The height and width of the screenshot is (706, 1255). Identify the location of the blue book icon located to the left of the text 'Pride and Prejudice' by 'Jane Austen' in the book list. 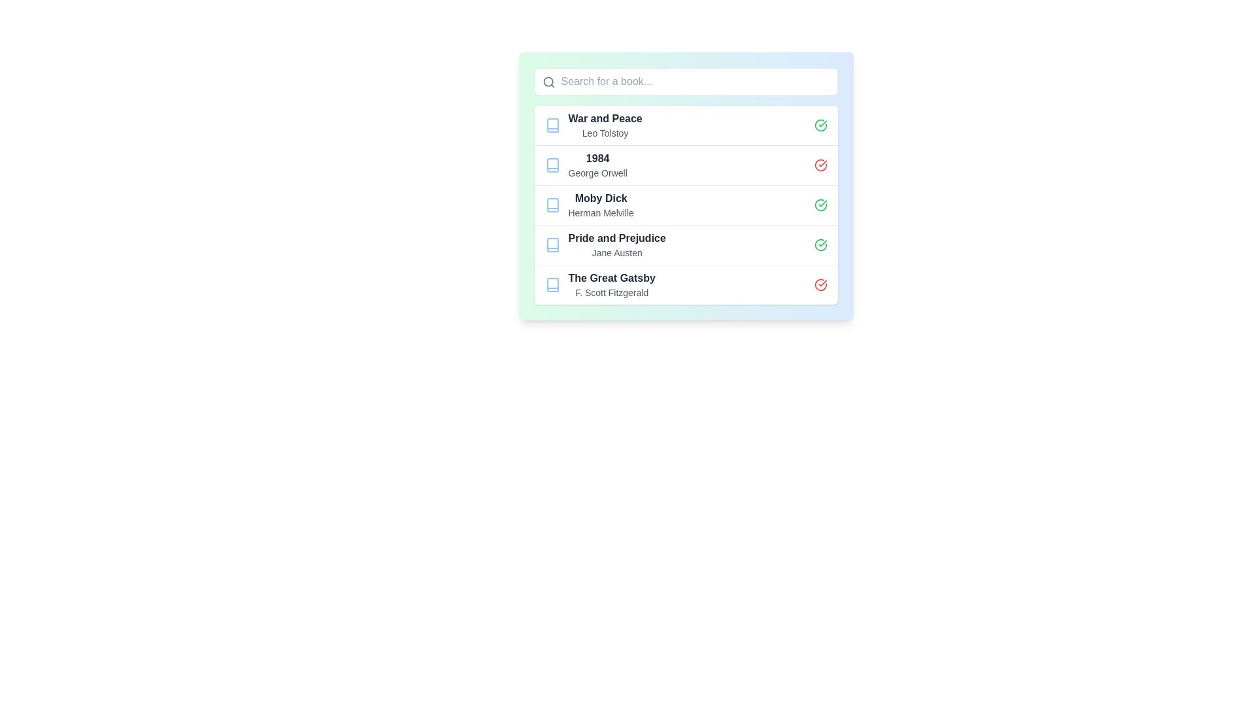
(552, 244).